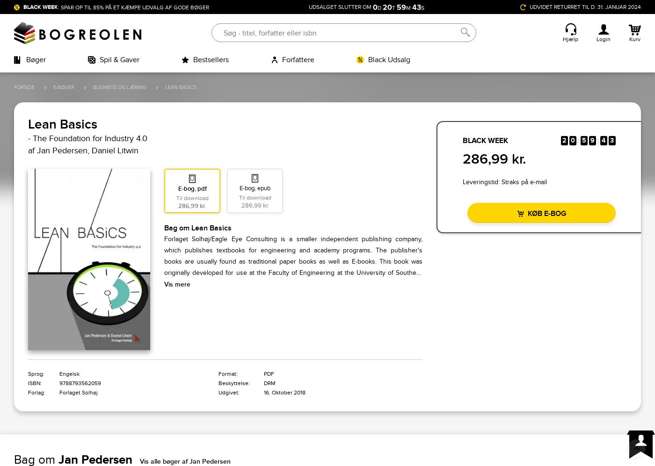 This screenshot has height=466, width=655. What do you see at coordinates (589, 140) in the screenshot?
I see `'9'` at bounding box center [589, 140].